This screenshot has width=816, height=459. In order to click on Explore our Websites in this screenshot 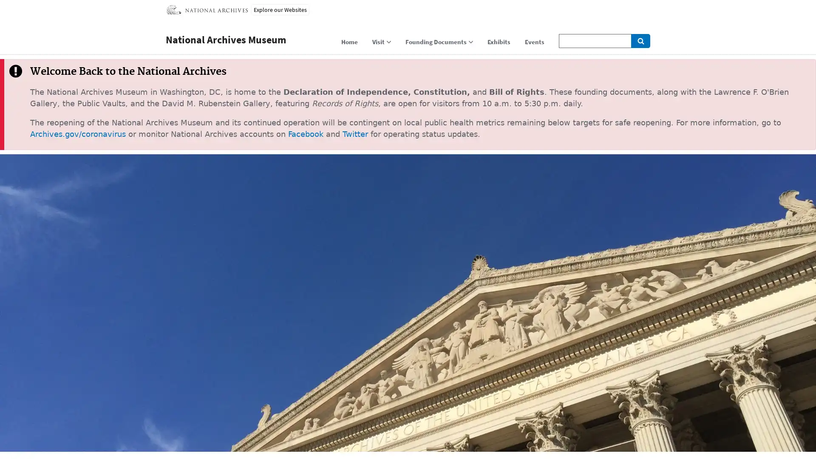, I will do `click(280, 10)`.